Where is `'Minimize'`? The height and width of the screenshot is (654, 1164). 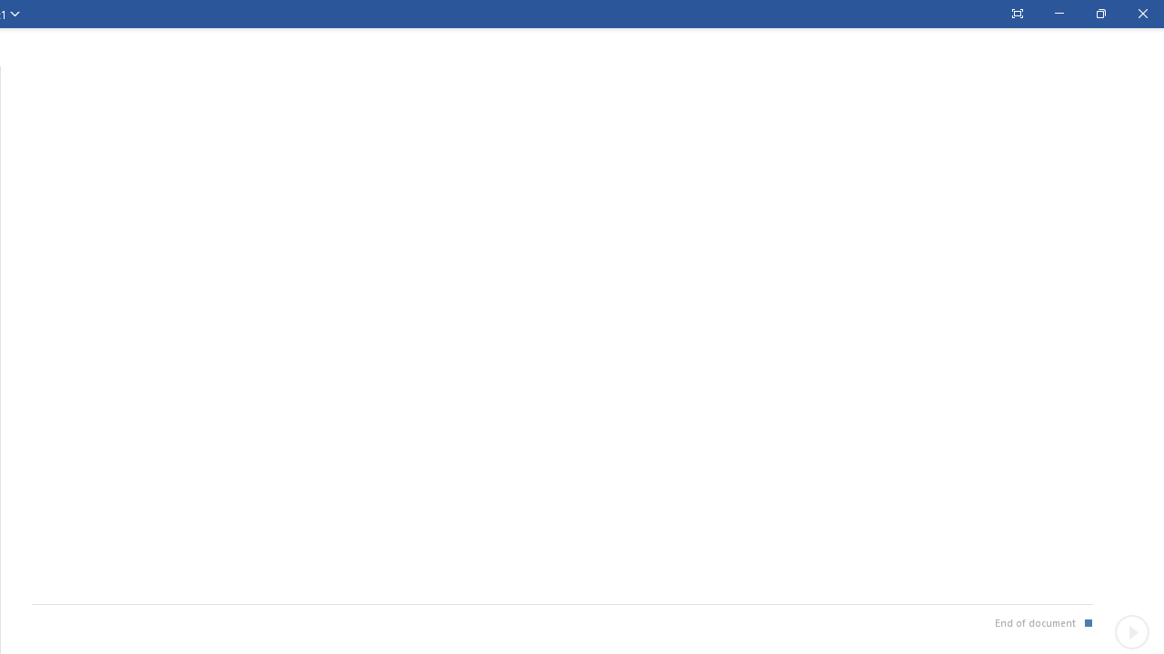 'Minimize' is located at coordinates (1059, 14).